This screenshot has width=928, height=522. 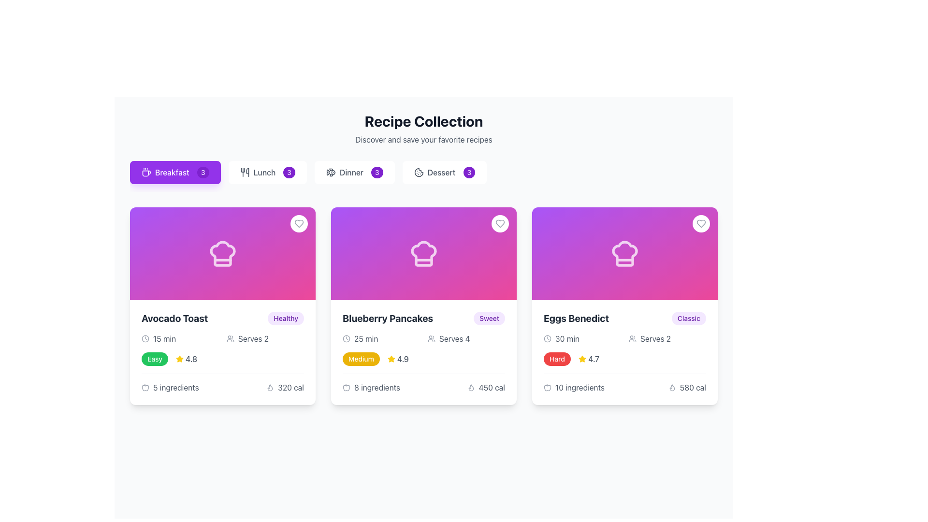 What do you see at coordinates (331, 172) in the screenshot?
I see `the 'Dinner' category icon in the navigation menu, which is located within the 'Dinner3' button and is the first element among its siblings` at bounding box center [331, 172].